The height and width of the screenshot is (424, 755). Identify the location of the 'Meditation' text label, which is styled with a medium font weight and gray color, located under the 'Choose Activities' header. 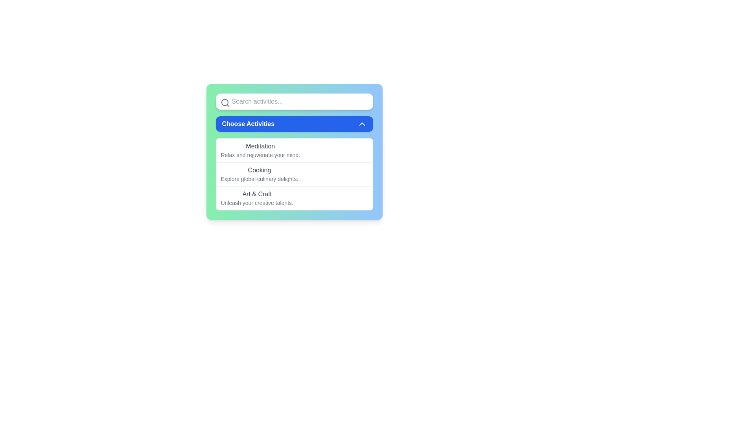
(260, 146).